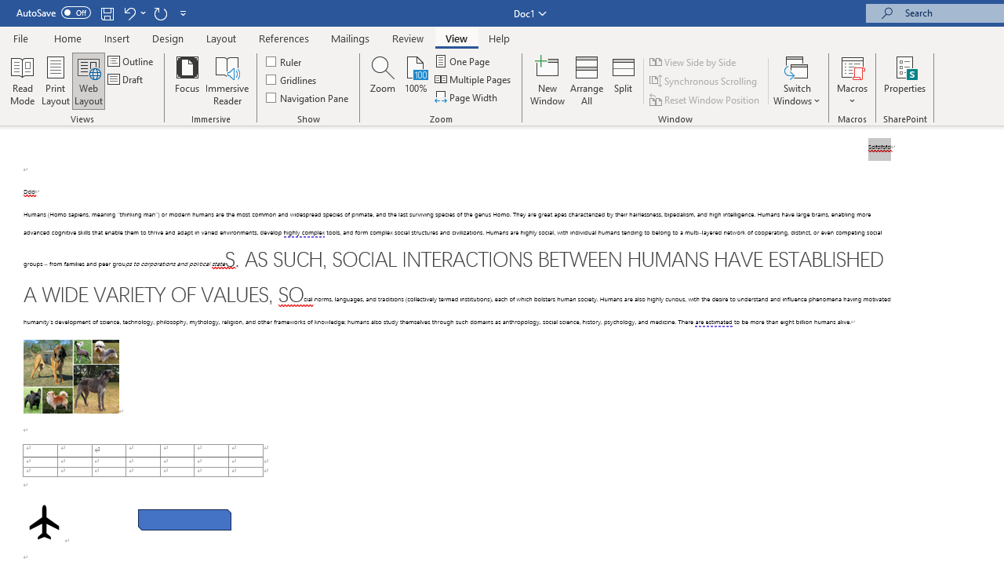 This screenshot has width=1004, height=565. What do you see at coordinates (704, 81) in the screenshot?
I see `'Synchronous Scrolling'` at bounding box center [704, 81].